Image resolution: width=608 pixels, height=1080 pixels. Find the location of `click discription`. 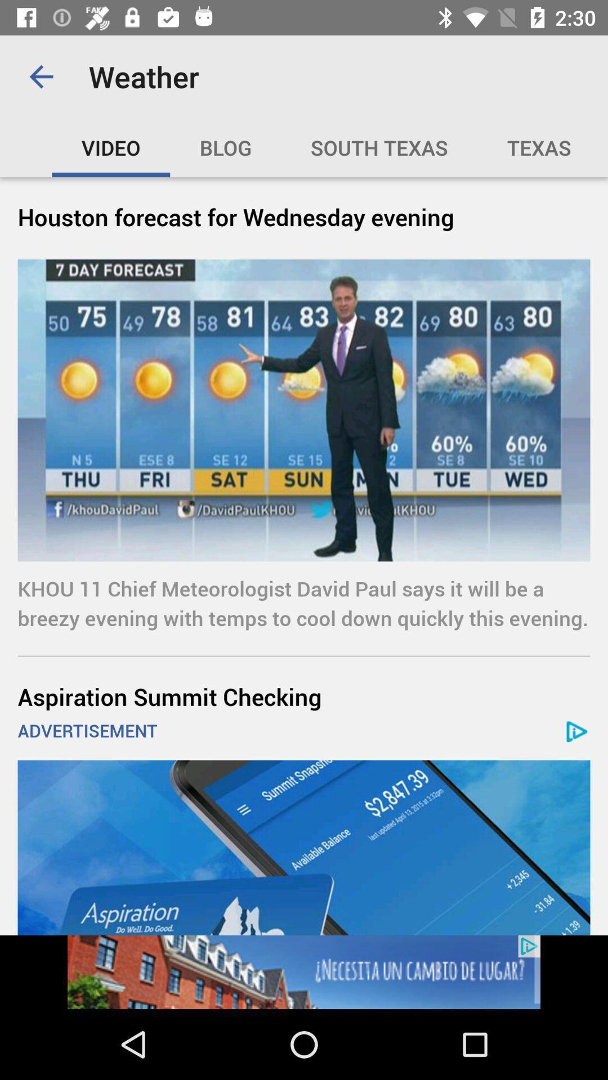

click discription is located at coordinates (304, 971).